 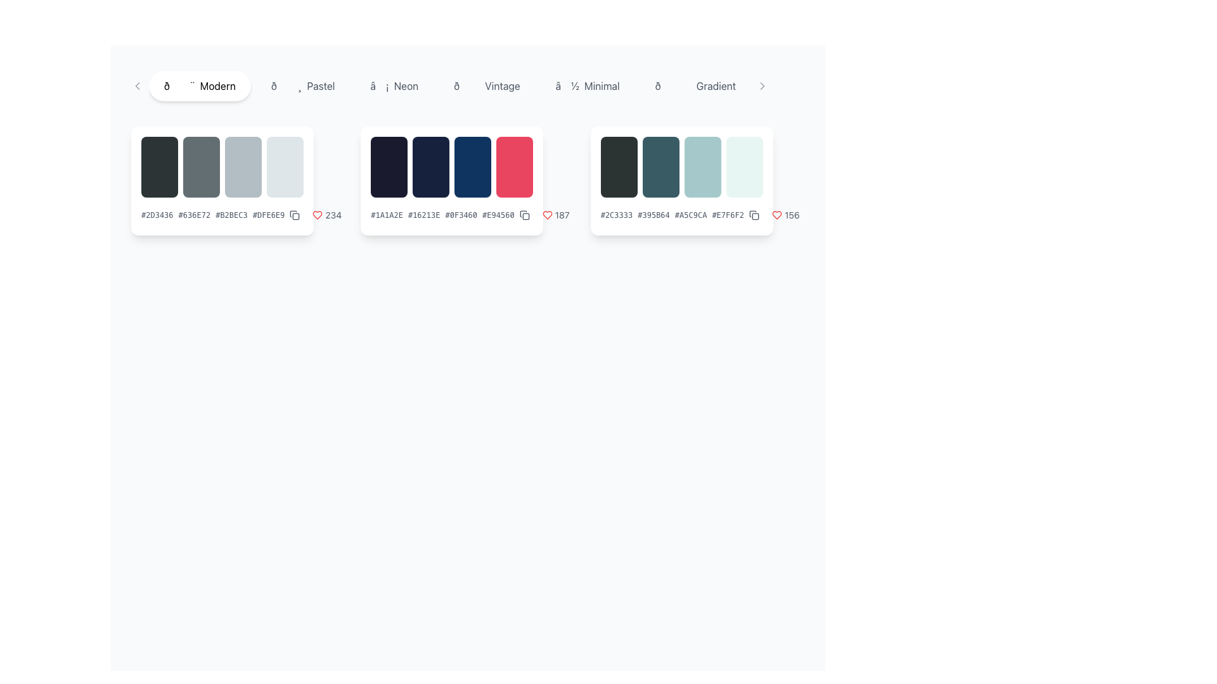 What do you see at coordinates (542, 214) in the screenshot?
I see `the numeric count '187' next to the heart icon to interact with the 'likes' functionality` at bounding box center [542, 214].